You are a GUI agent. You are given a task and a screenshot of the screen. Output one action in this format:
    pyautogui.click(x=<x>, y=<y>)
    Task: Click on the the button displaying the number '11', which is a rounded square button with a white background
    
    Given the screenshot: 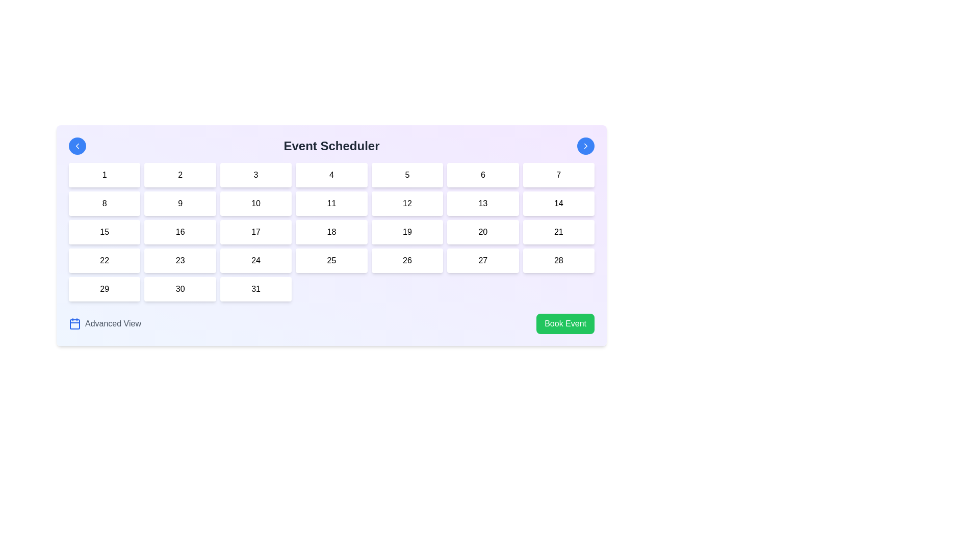 What is the action you would take?
    pyautogui.click(x=331, y=204)
    